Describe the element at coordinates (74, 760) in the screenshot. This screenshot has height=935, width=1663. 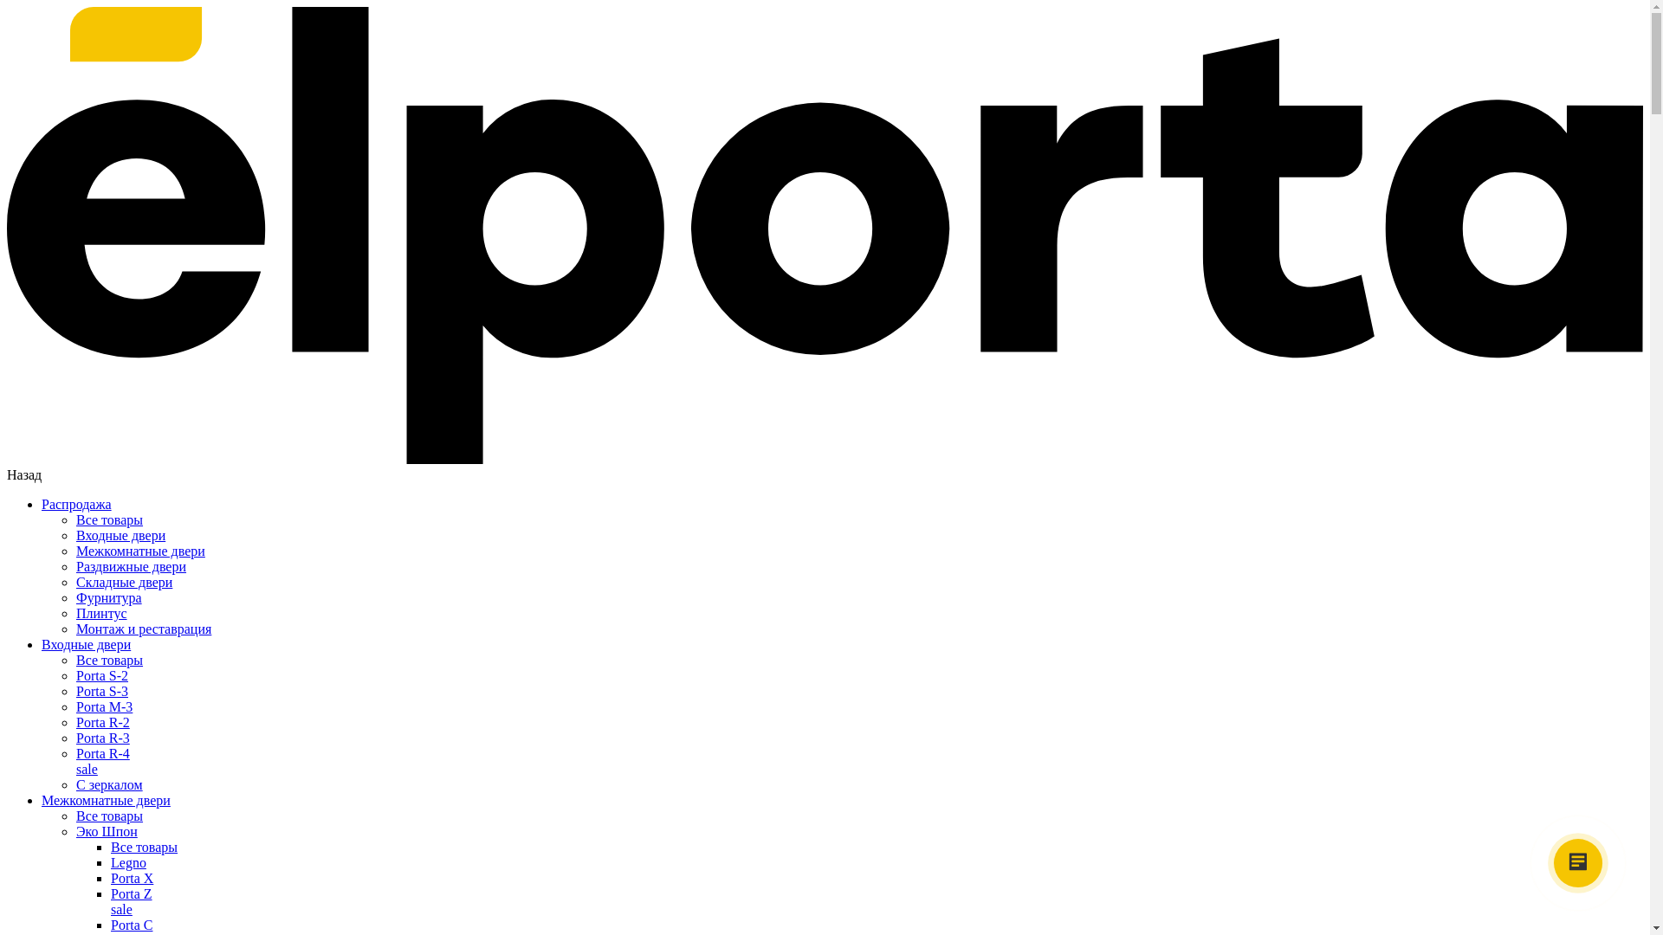
I see `'Porta R-4` at that location.